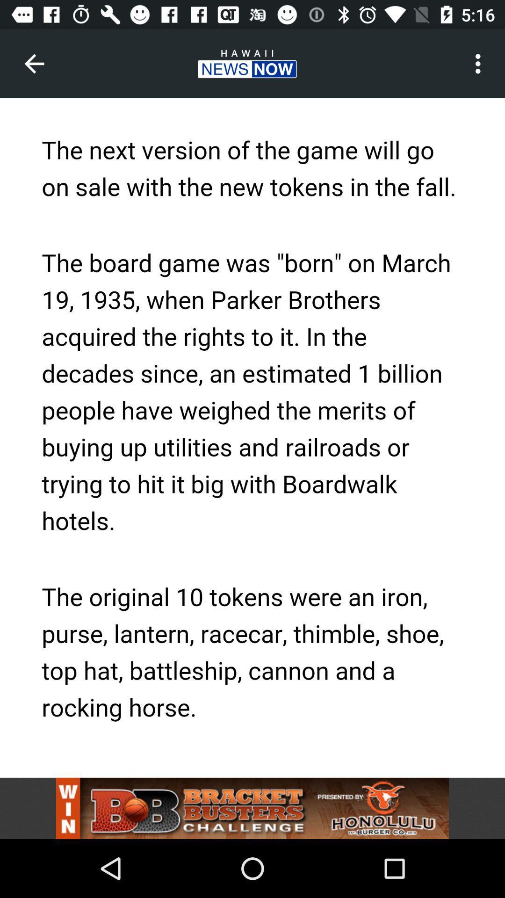 This screenshot has width=505, height=898. I want to click on clickable advertisement, so click(252, 808).